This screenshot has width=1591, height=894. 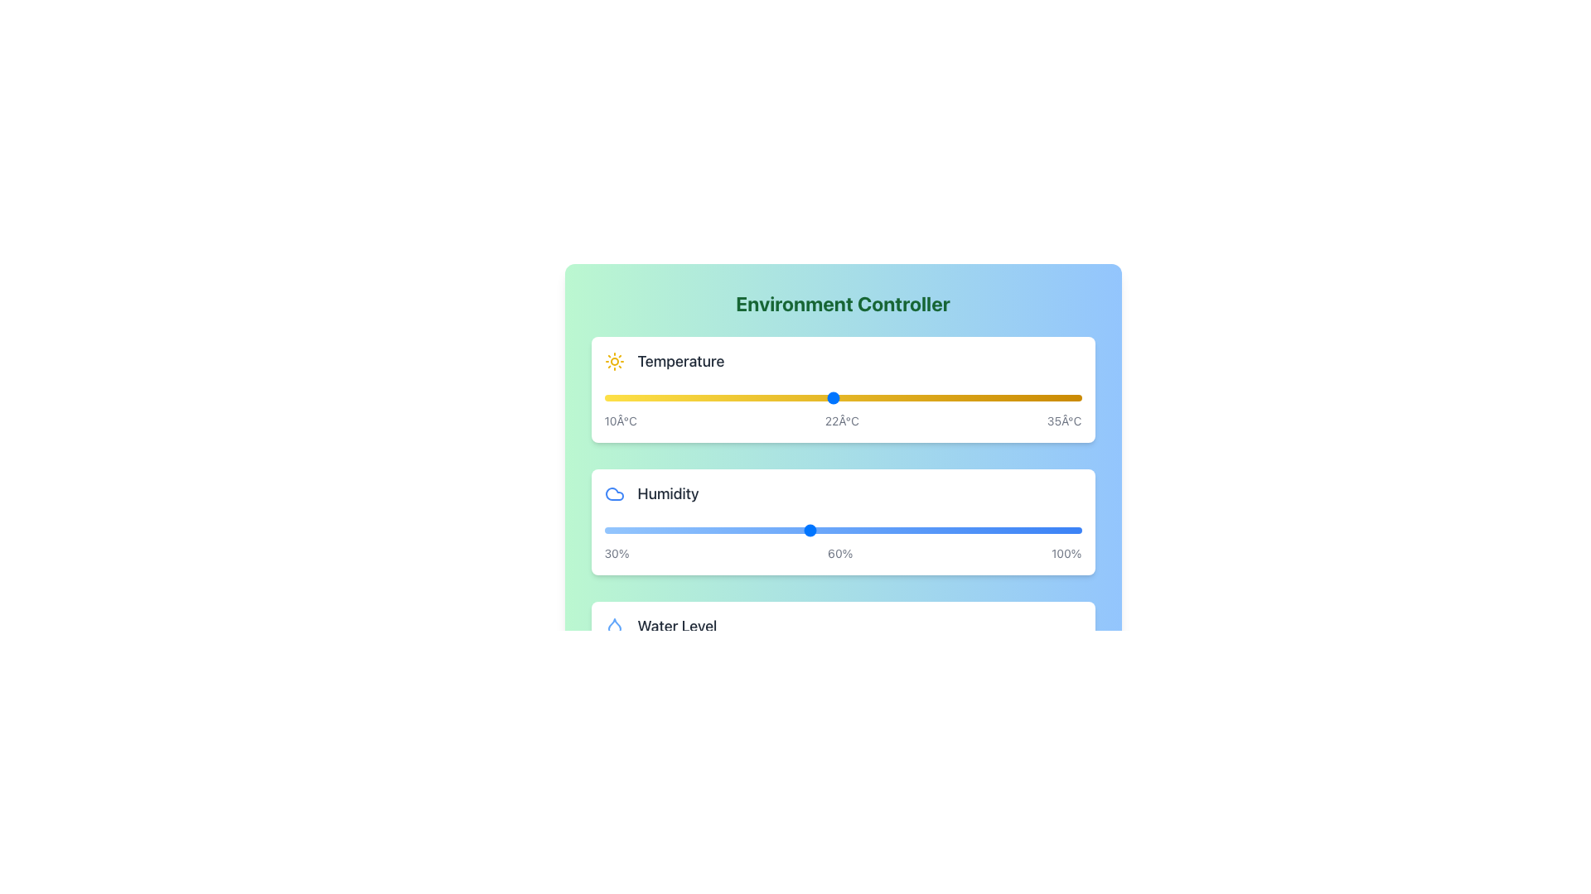 I want to click on the water drop icon used to symbolize liquid or water, located below the 'Humidity' gauge, so click(x=613, y=627).